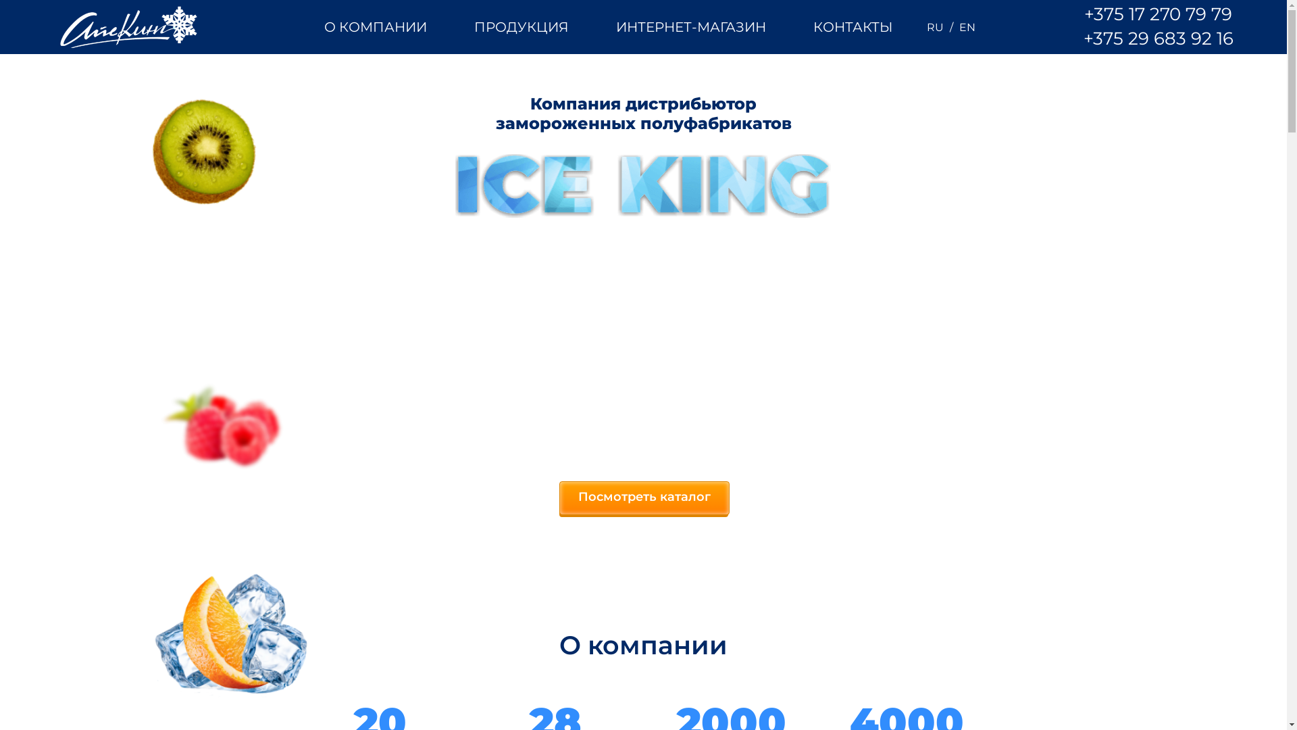 This screenshot has height=730, width=1297. I want to click on '+375 29 683 92 16', so click(1157, 38).